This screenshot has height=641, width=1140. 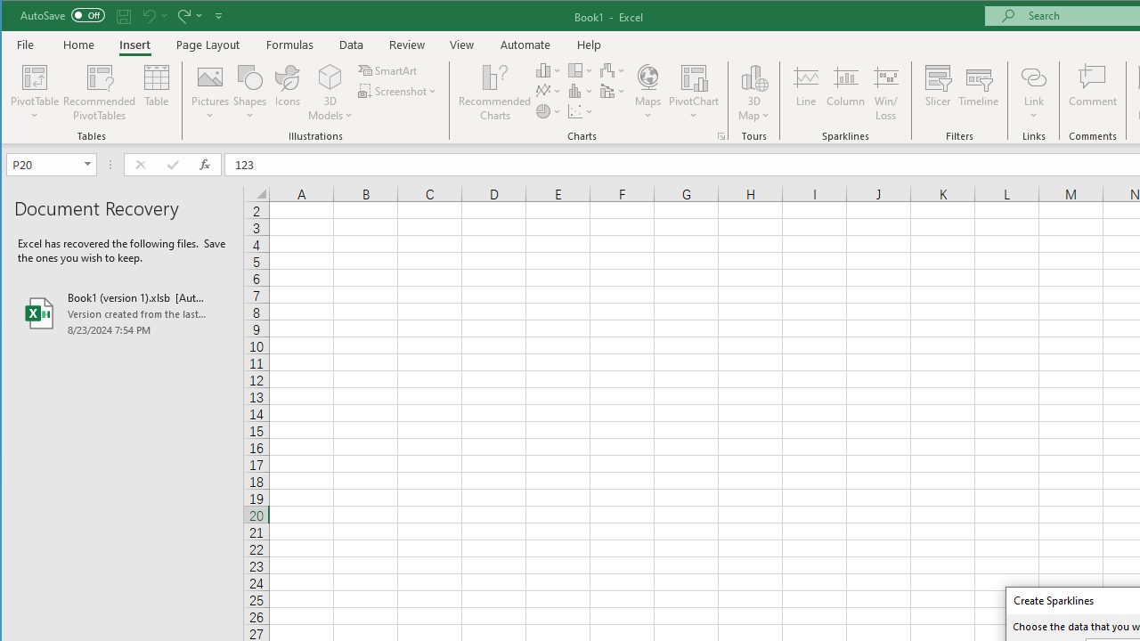 I want to click on 'Insert', so click(x=134, y=44).